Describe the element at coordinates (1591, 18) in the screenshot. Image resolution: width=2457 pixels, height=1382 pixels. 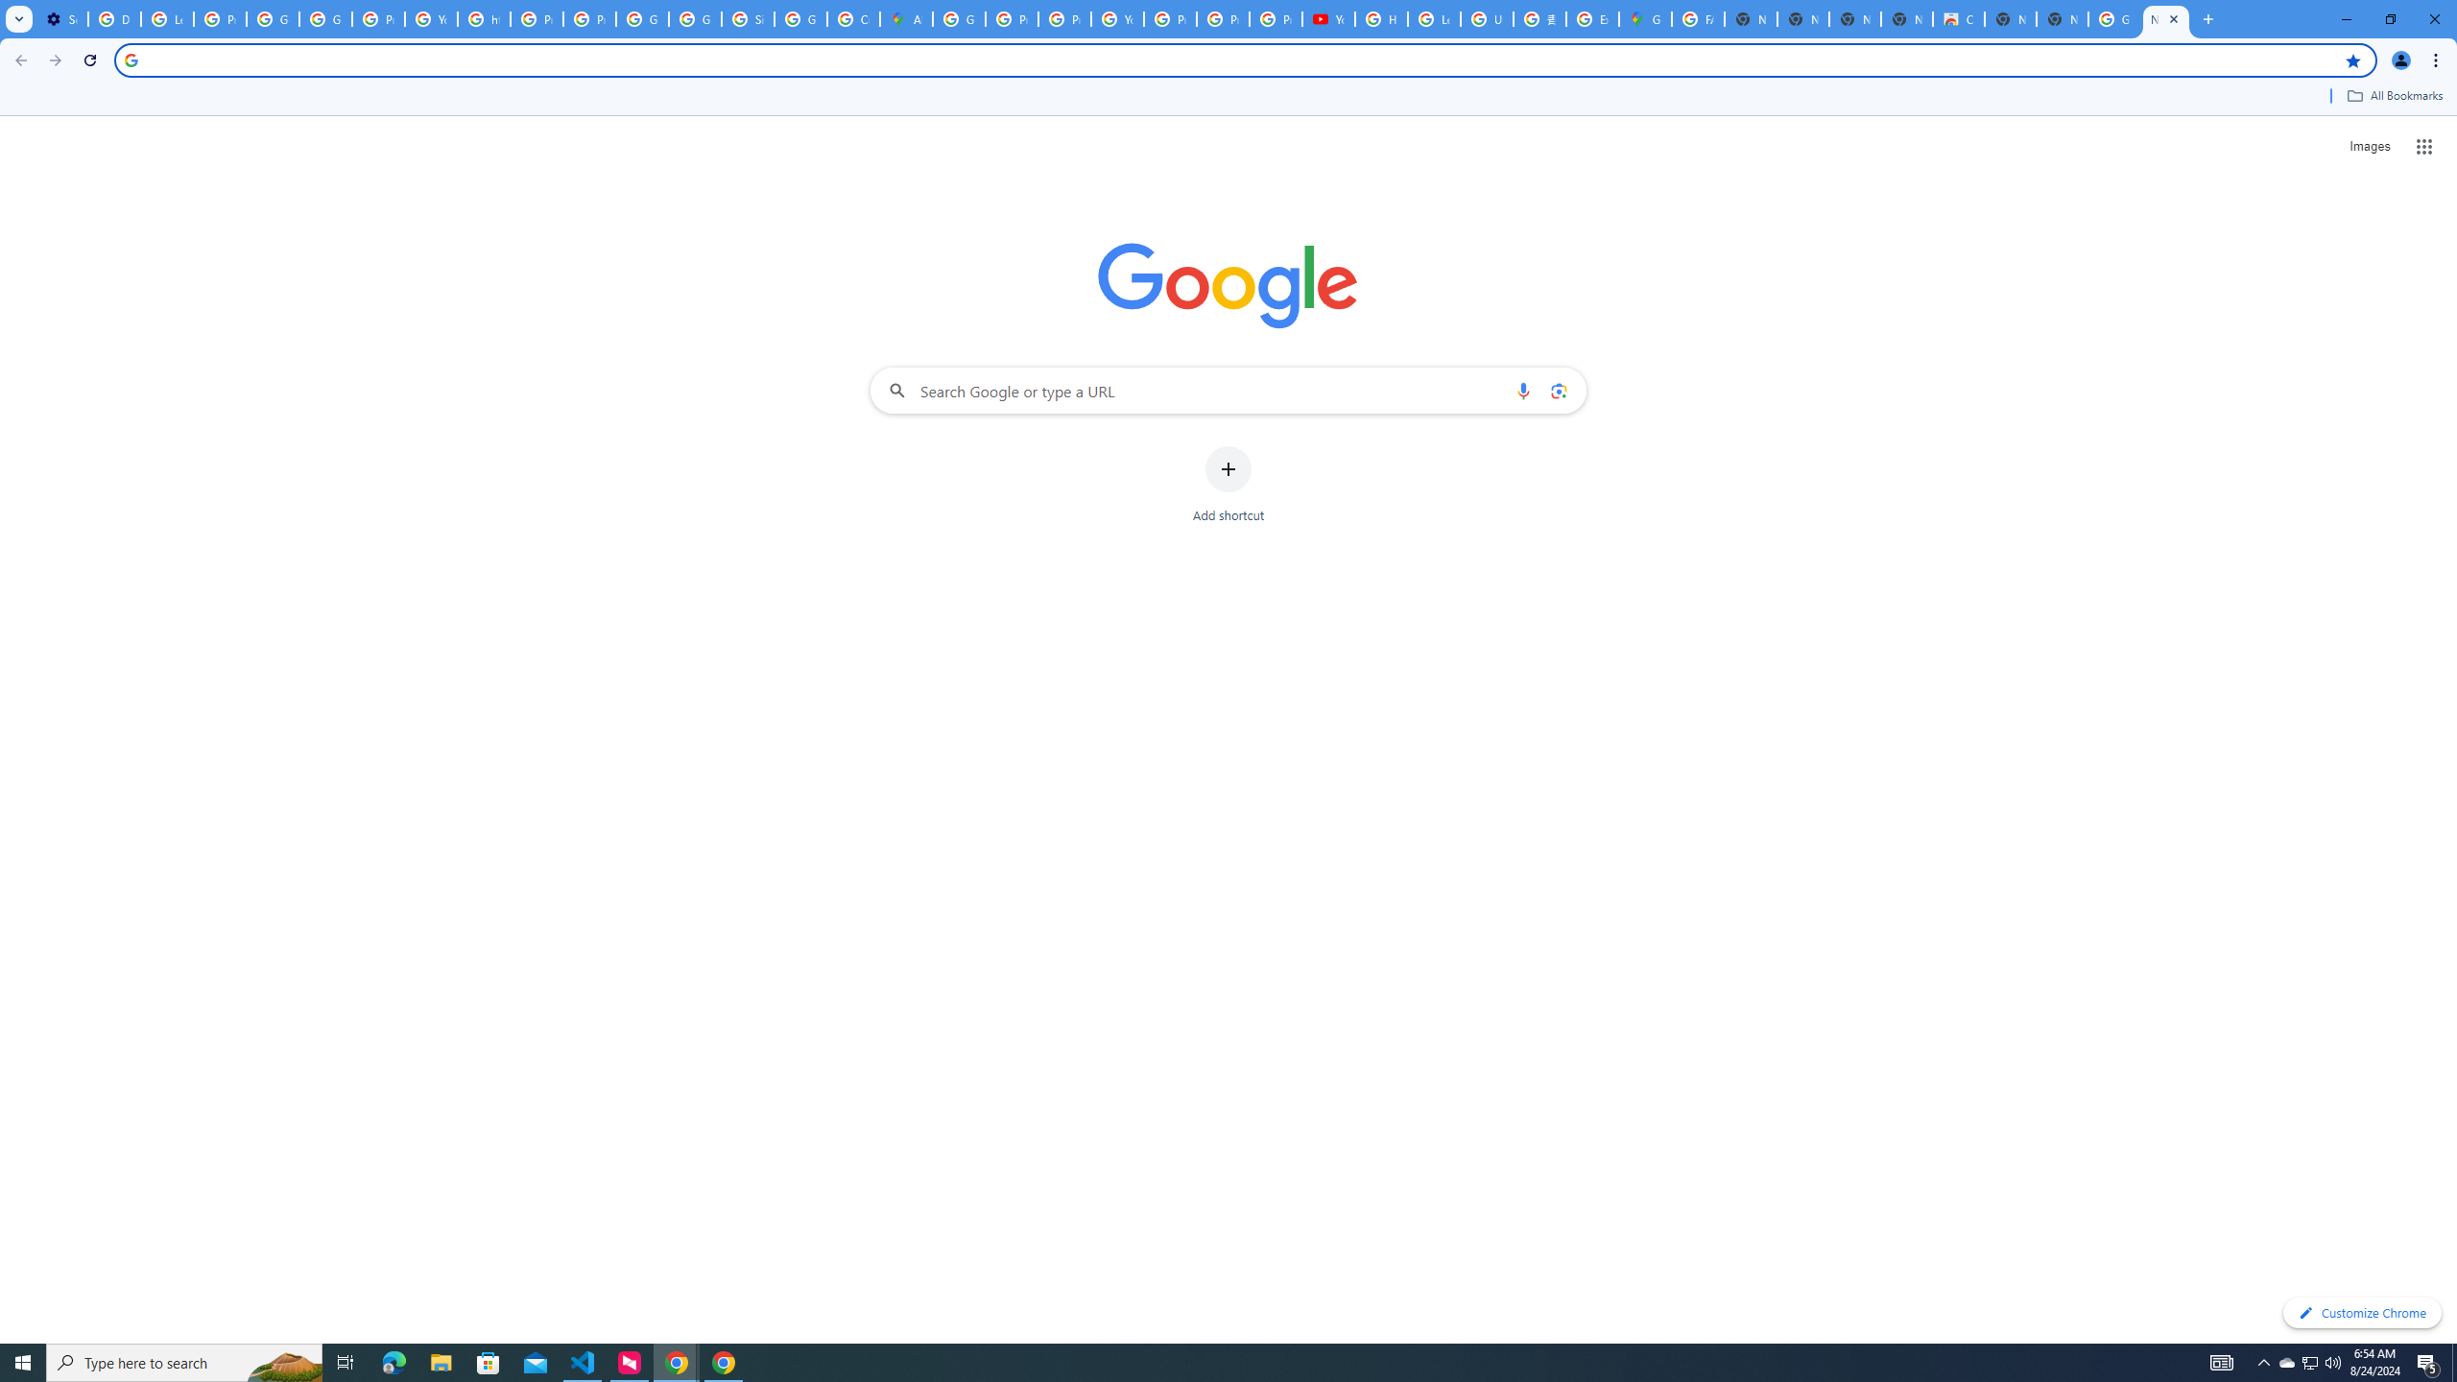
I see `'Explore new street-level details - Google Maps Help'` at that location.